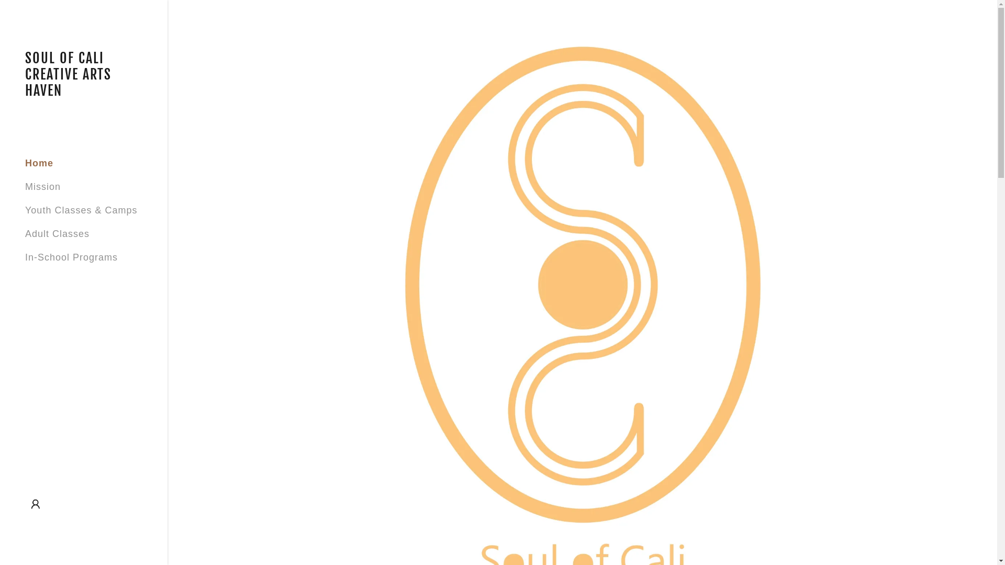  I want to click on 'Youth Classes & Camps', so click(80, 210).